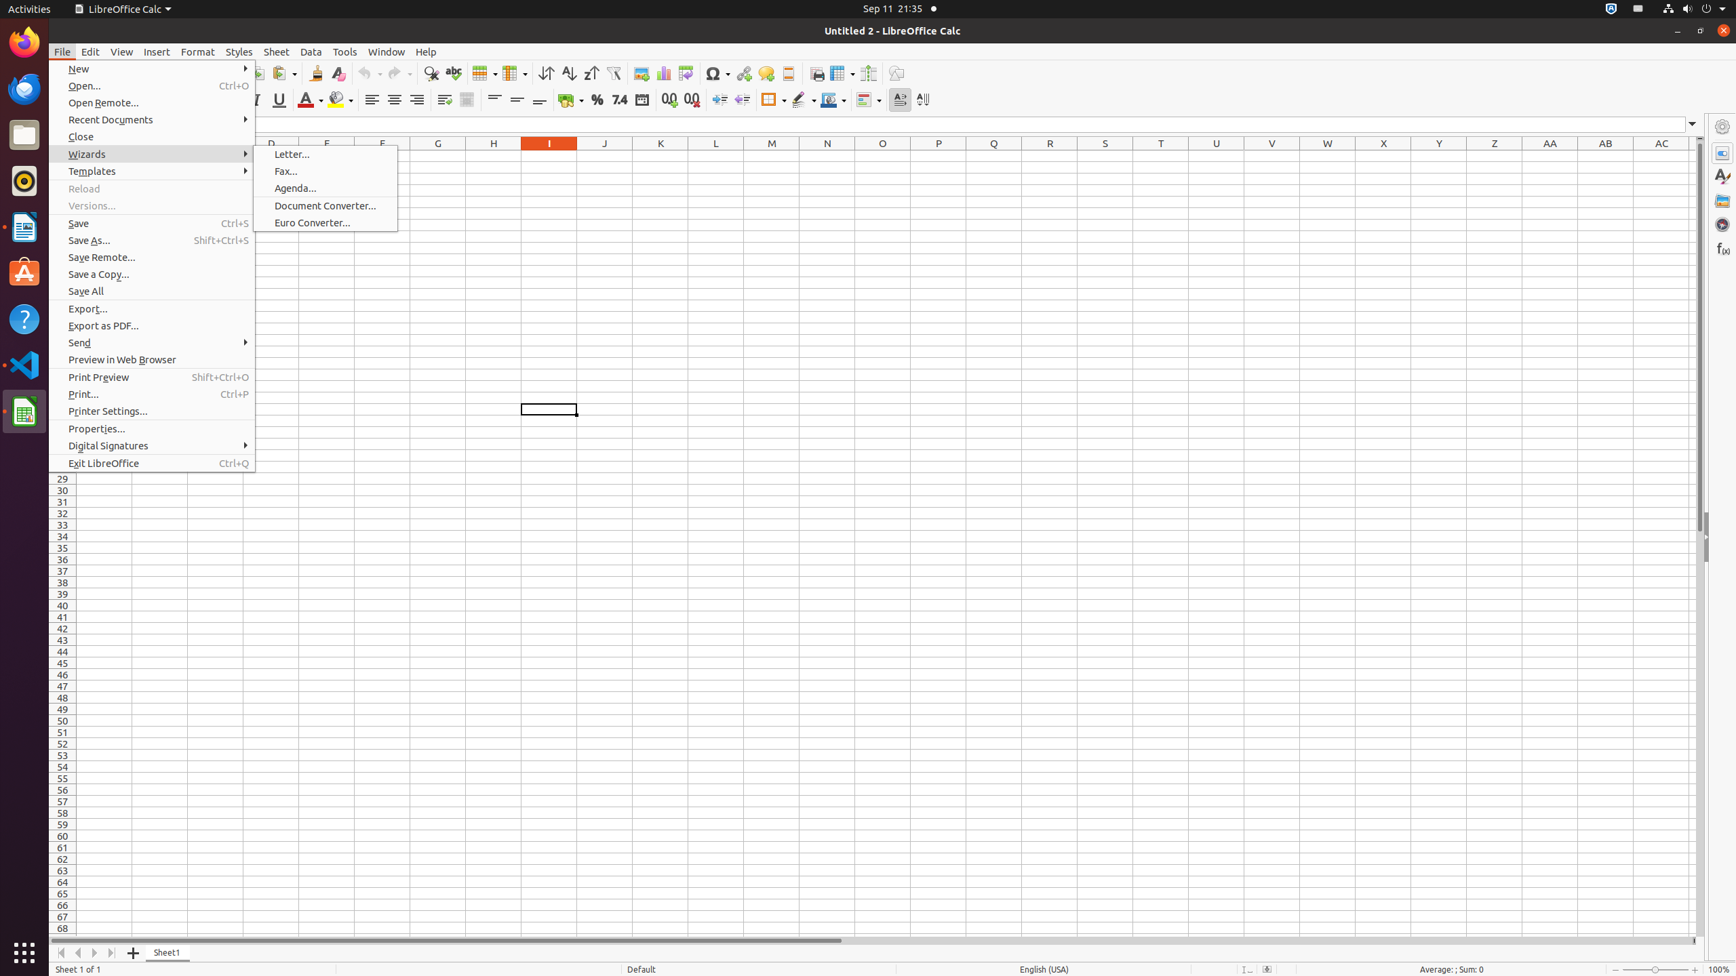 The image size is (1736, 976). Describe the element at coordinates (152, 68) in the screenshot. I see `'New'` at that location.